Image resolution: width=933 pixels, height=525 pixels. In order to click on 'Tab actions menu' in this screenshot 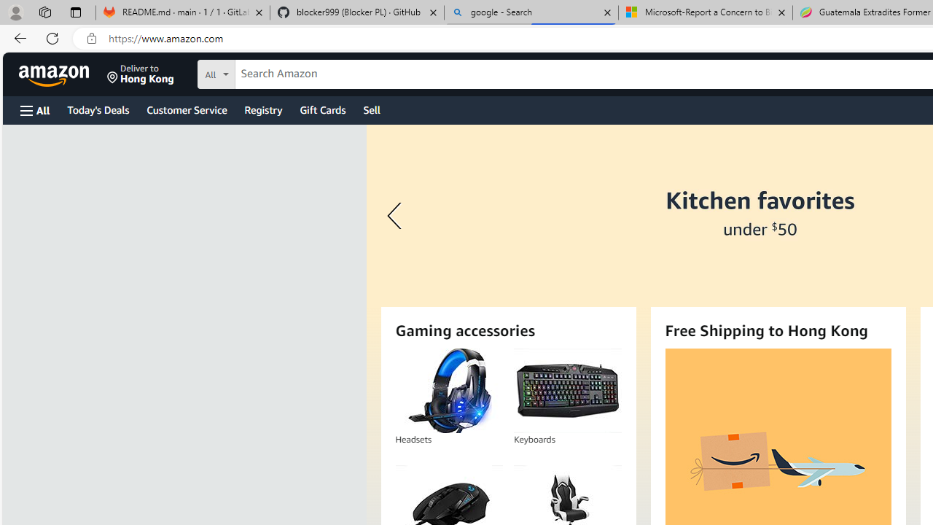, I will do `click(75, 12)`.